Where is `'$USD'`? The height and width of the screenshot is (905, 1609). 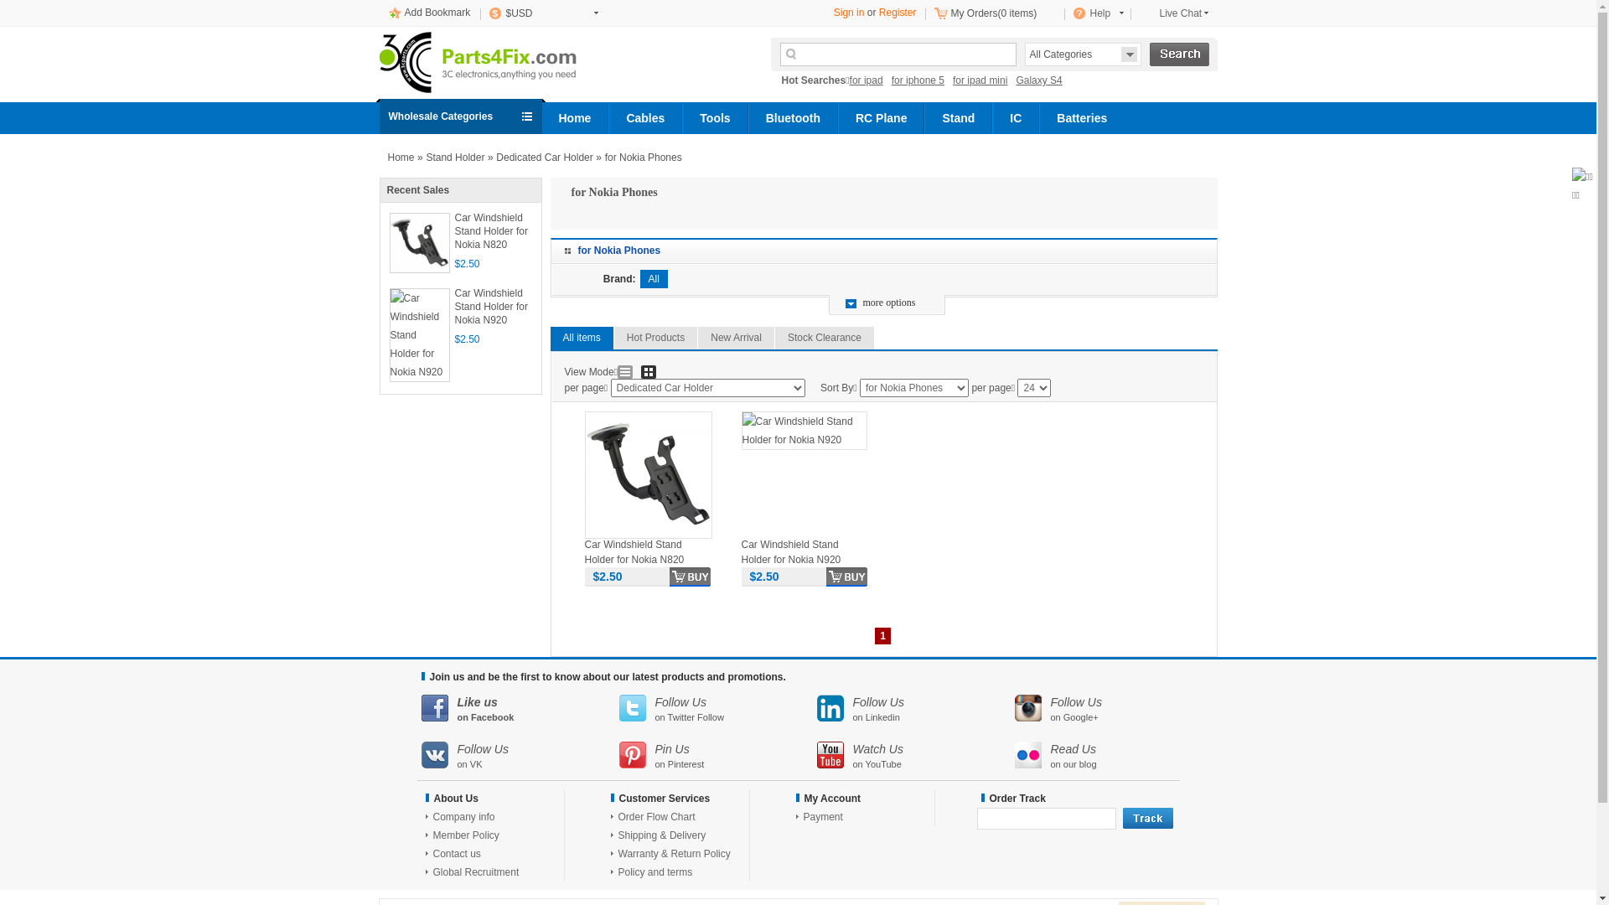
'$USD' is located at coordinates (543, 13).